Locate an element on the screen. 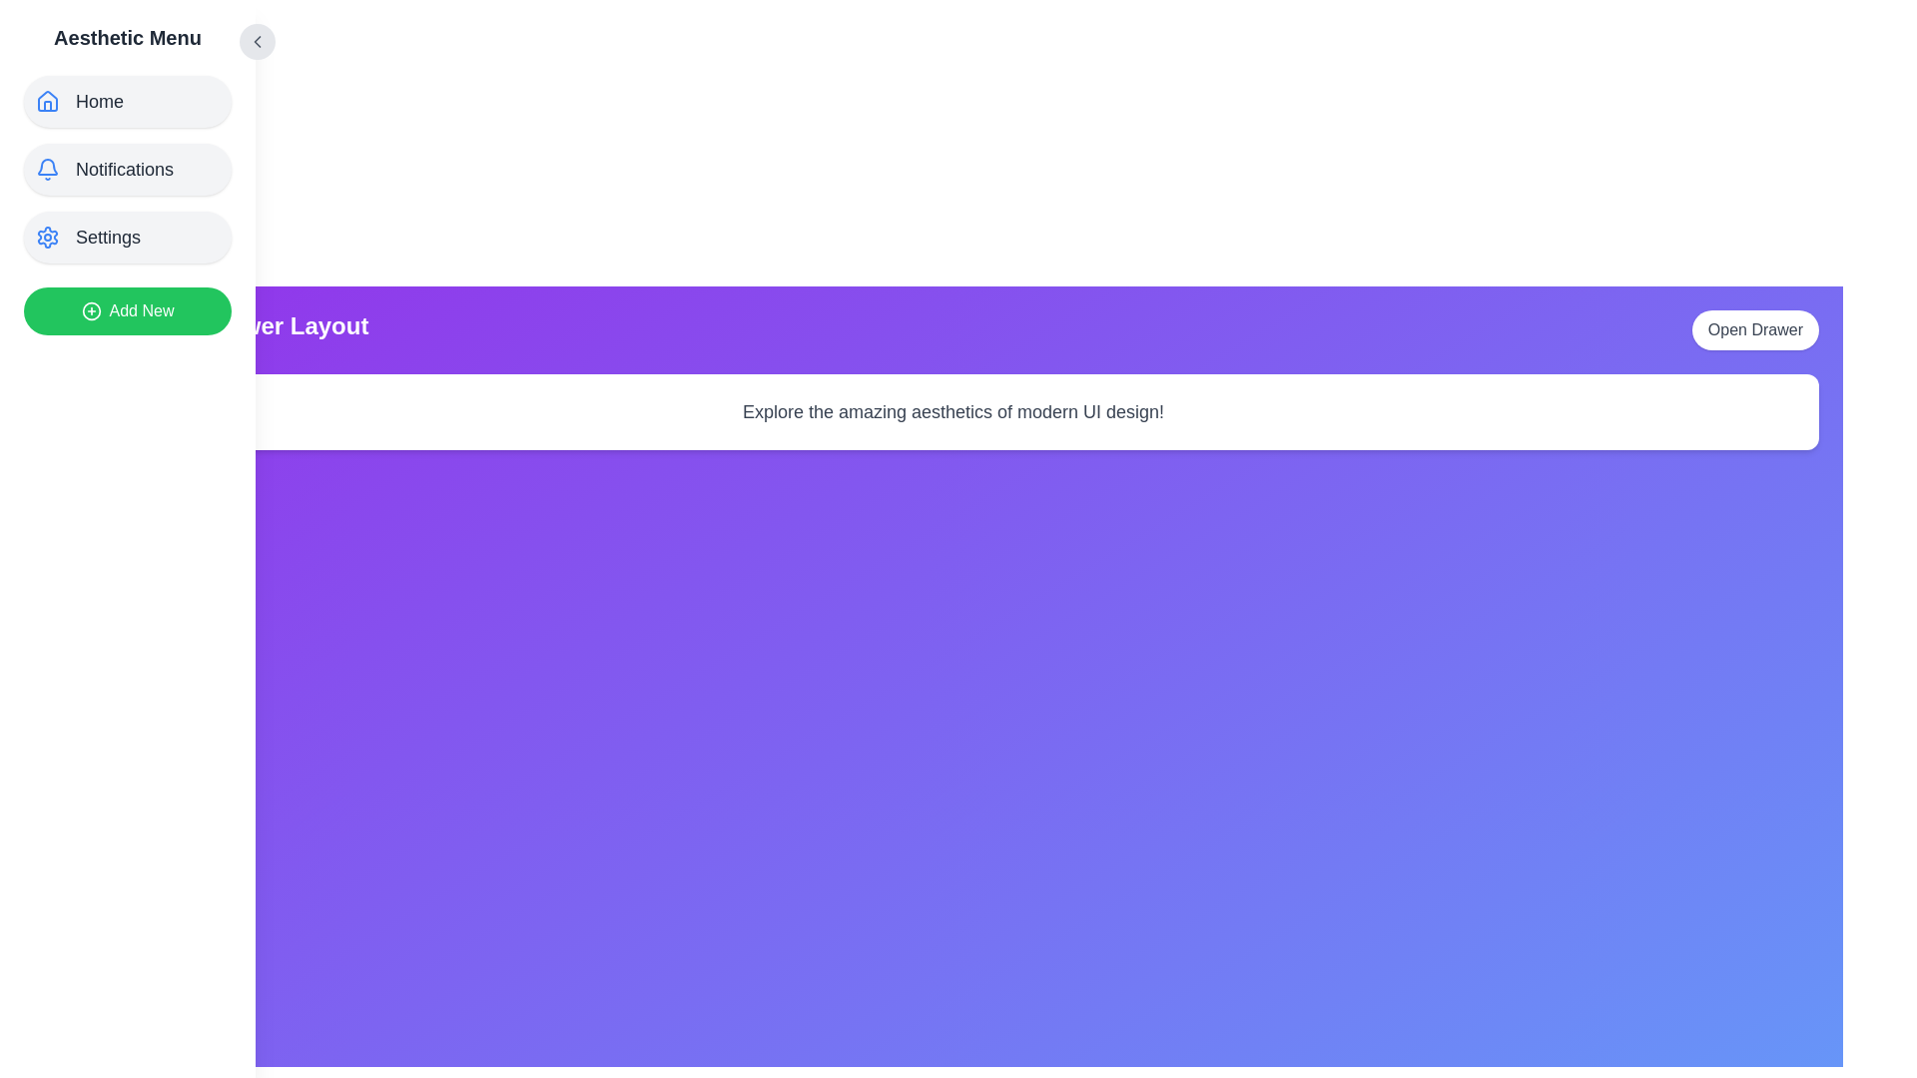  the circular icon within the green 'Add New' button located in the left-hand menu panel is located at coordinates (90, 311).